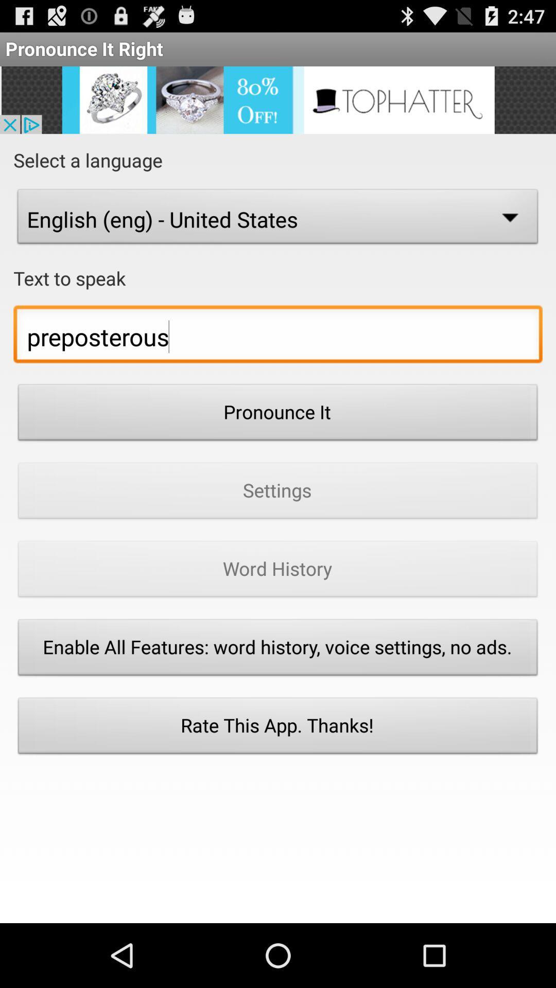 Image resolution: width=556 pixels, height=988 pixels. I want to click on open an advertisement, so click(278, 100).